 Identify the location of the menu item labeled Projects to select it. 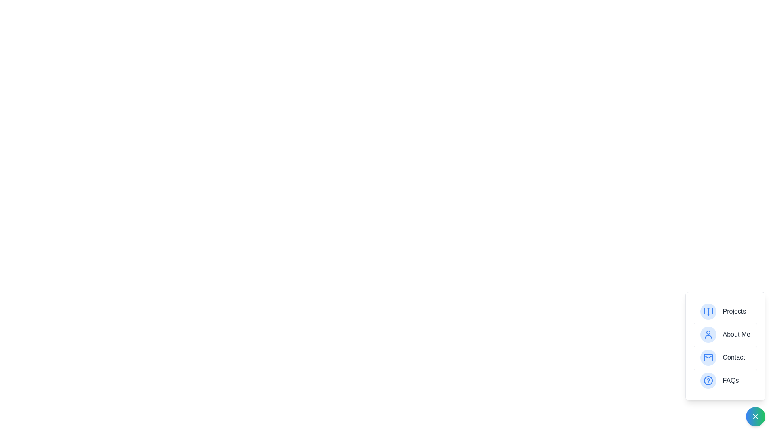
(725, 311).